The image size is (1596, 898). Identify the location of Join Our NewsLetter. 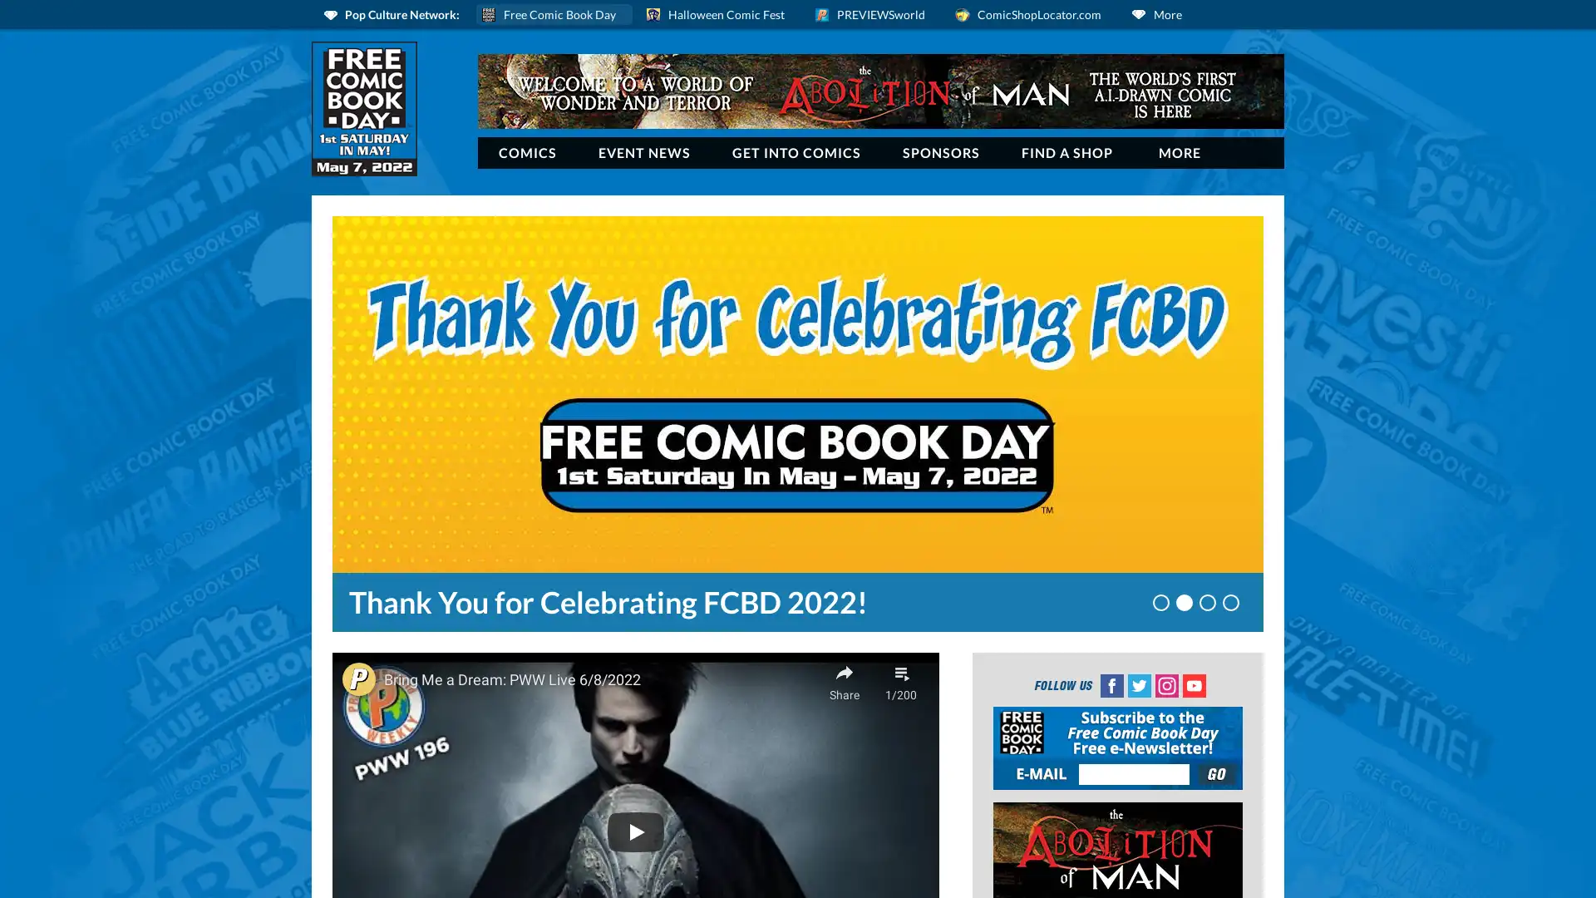
(1218, 773).